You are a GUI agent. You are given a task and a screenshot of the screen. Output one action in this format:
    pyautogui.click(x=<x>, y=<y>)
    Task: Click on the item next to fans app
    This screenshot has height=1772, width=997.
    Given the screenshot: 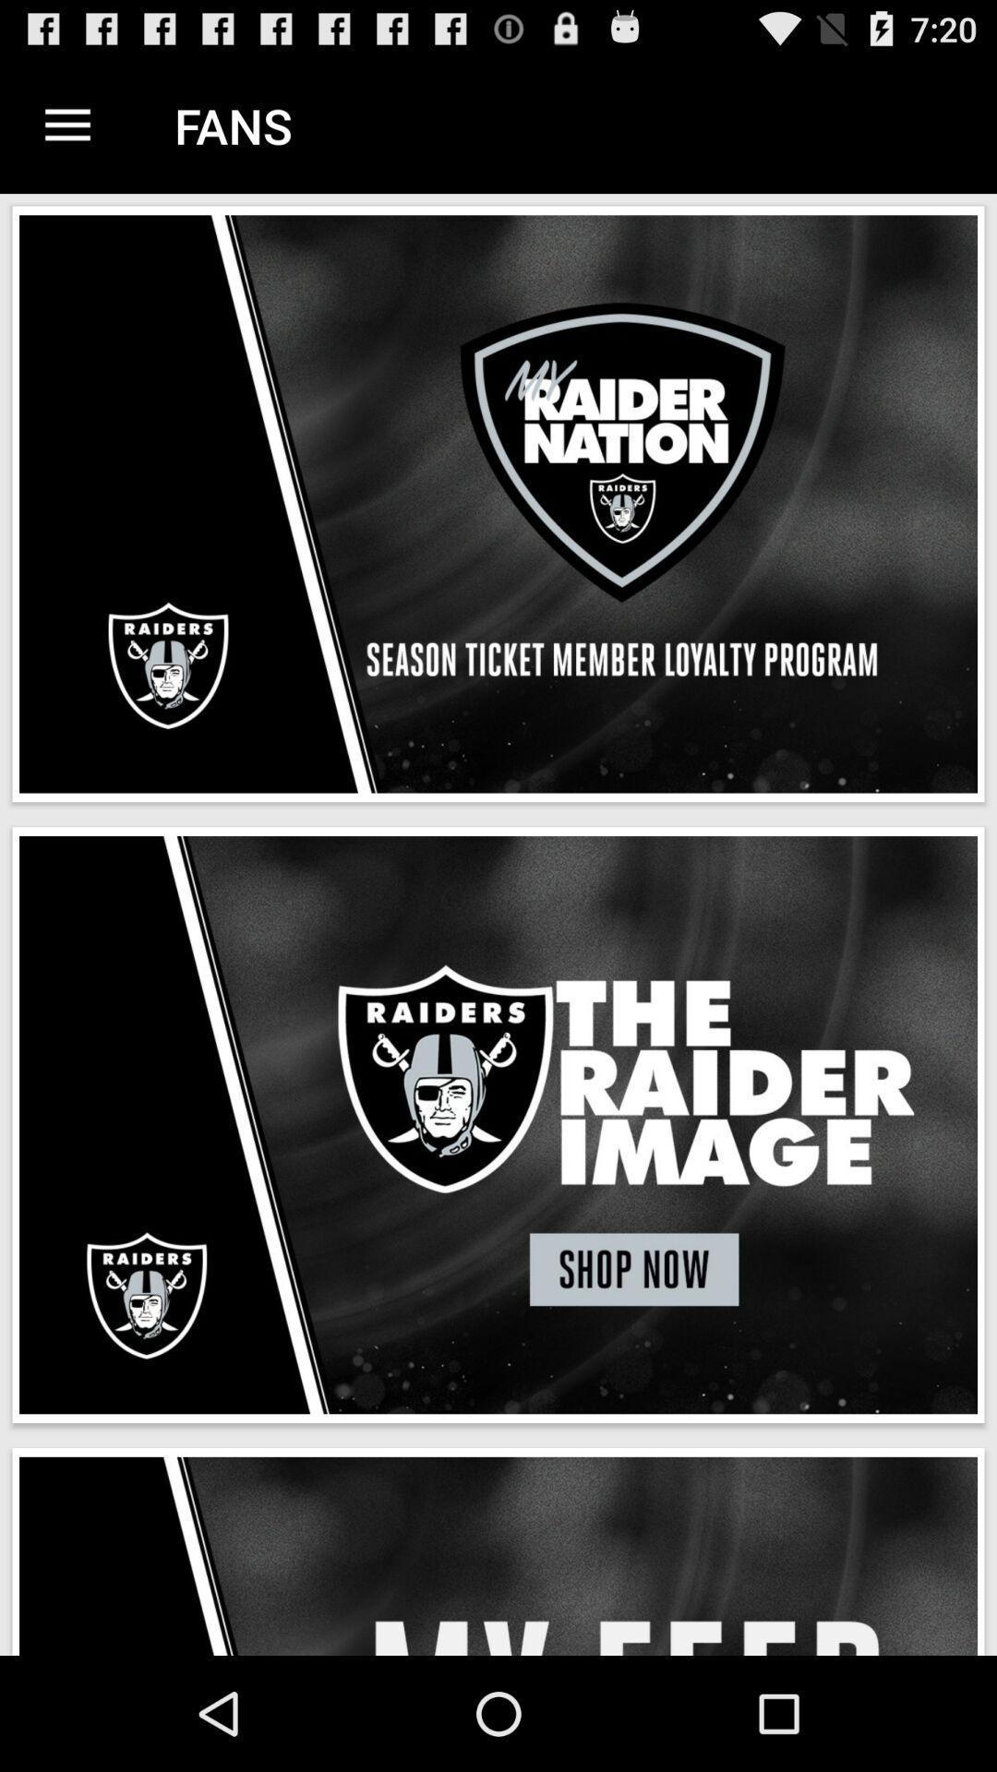 What is the action you would take?
    pyautogui.click(x=66, y=125)
    